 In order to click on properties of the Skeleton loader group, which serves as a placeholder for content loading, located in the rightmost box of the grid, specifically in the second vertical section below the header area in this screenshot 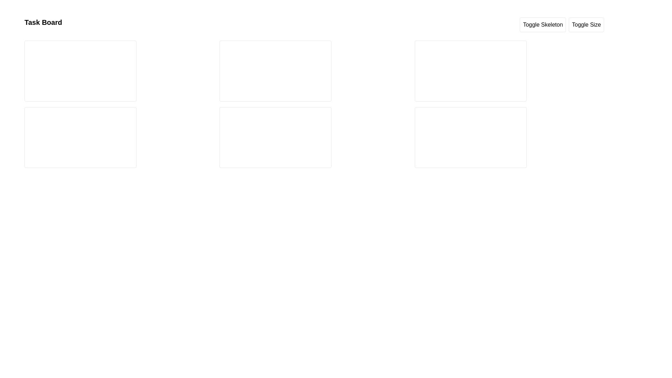, I will do `click(470, 80)`.